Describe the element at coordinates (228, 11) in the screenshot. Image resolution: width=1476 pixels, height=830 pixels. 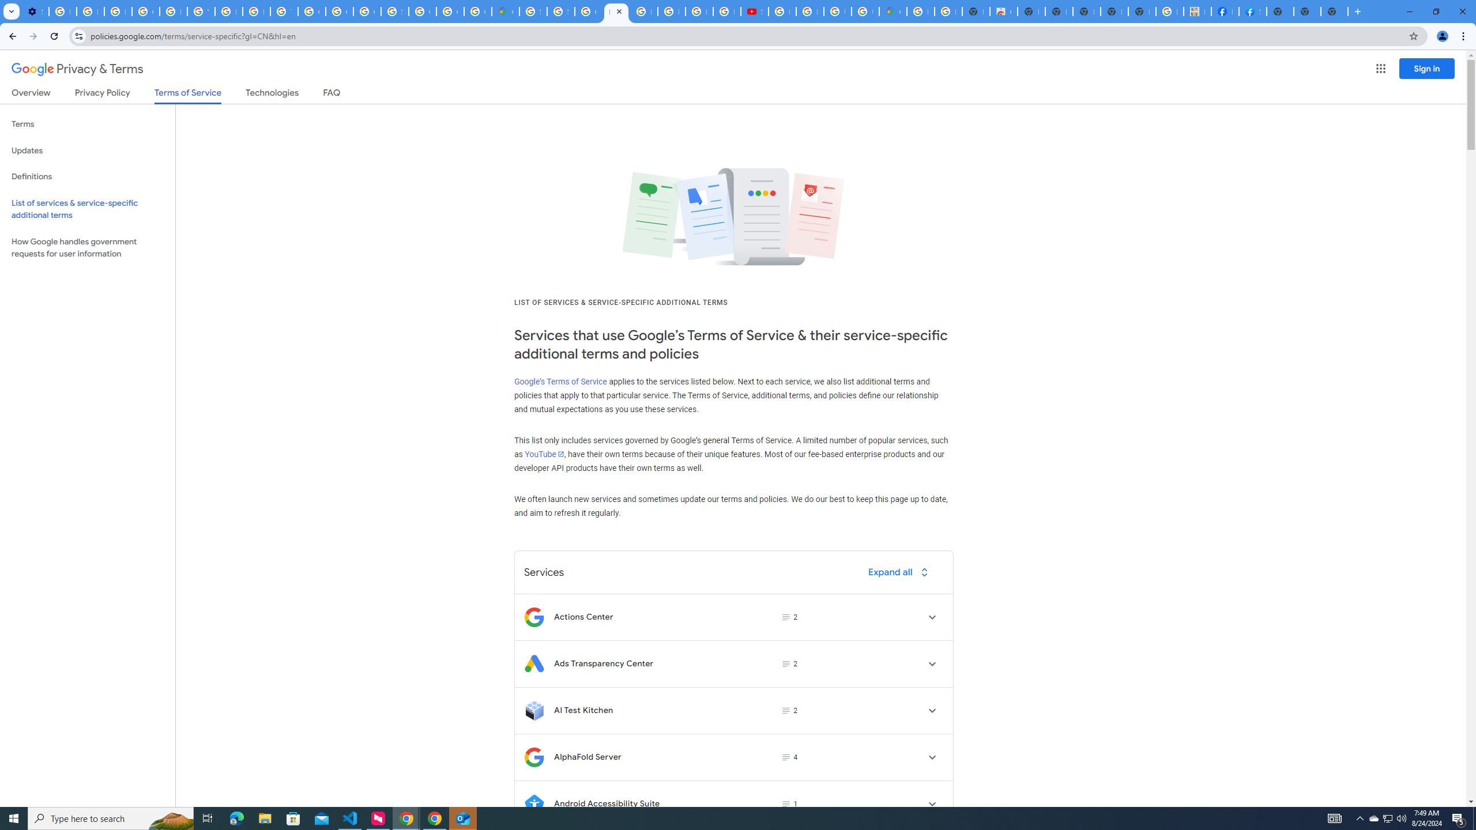
I see `'https://scholar.google.com/'` at that location.